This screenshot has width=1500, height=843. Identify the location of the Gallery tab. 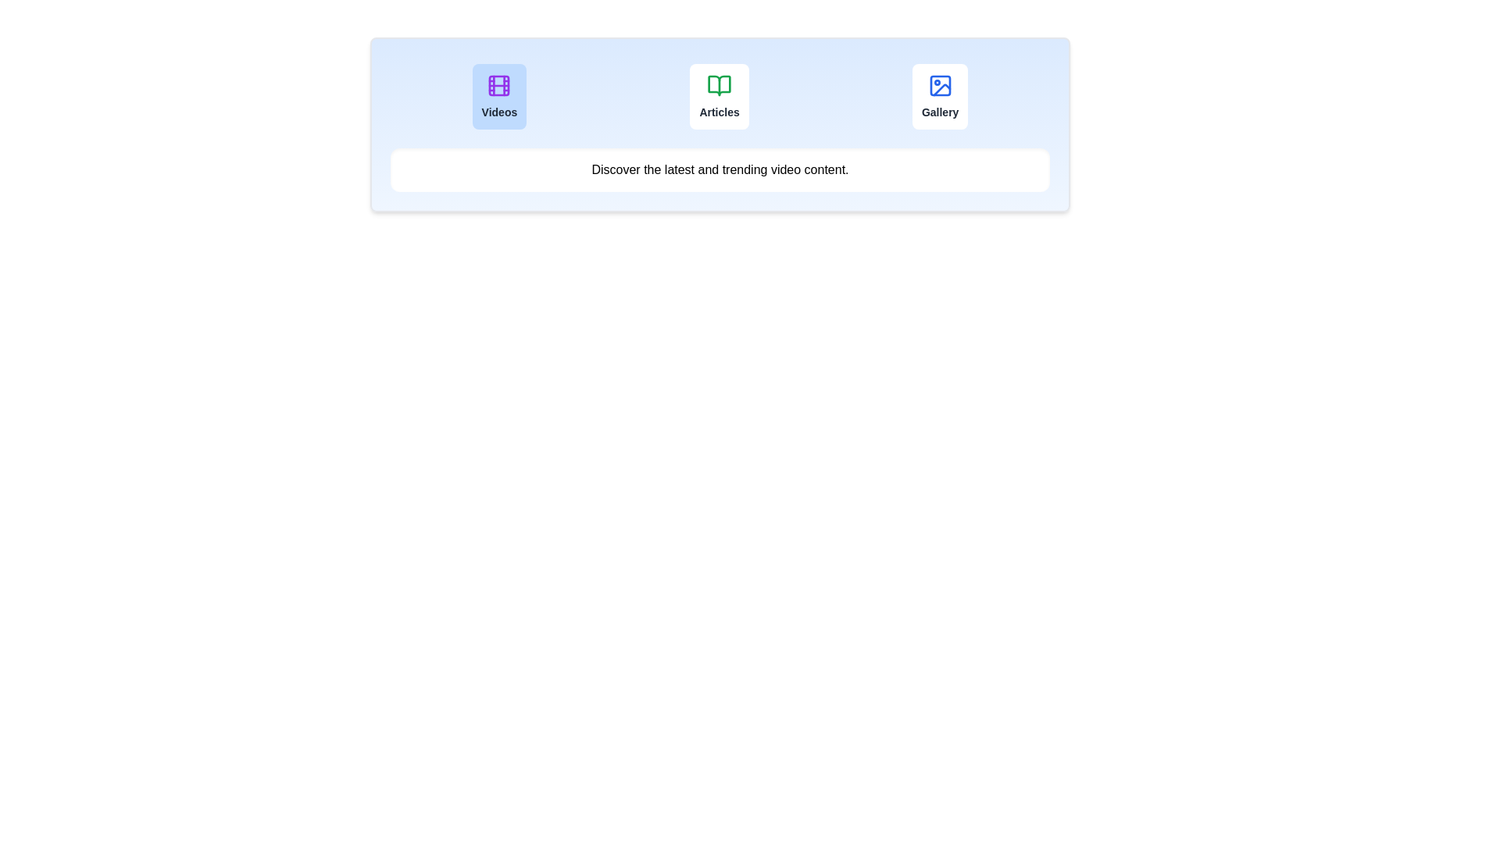
(939, 96).